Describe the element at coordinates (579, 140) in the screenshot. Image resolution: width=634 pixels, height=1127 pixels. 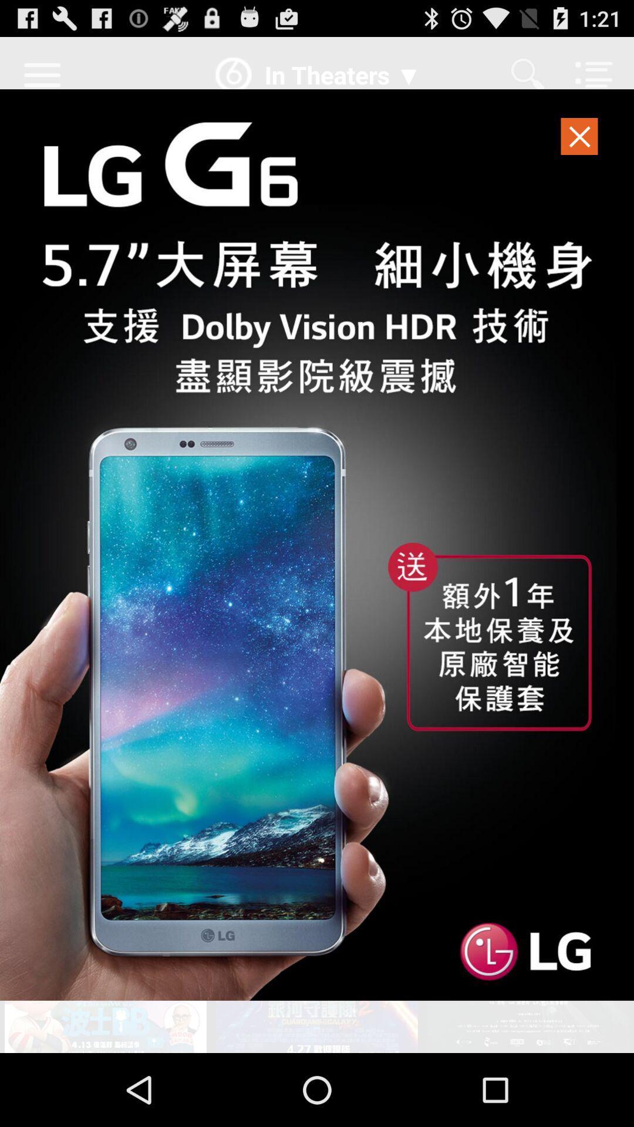
I see `close` at that location.